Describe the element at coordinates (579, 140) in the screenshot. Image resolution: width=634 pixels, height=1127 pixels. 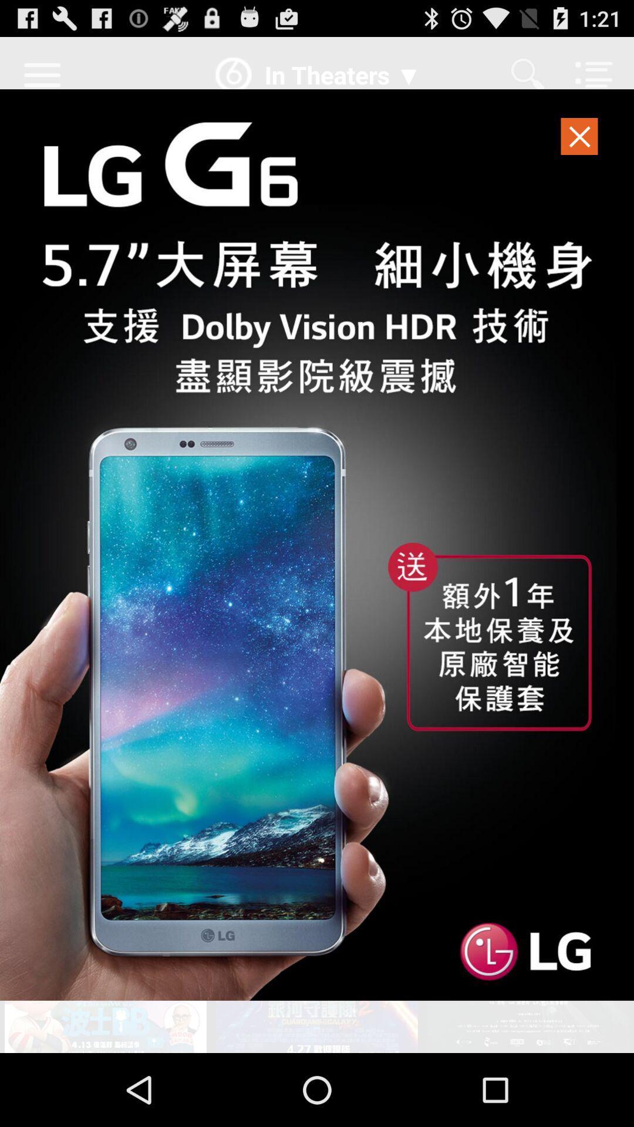
I see `close` at that location.